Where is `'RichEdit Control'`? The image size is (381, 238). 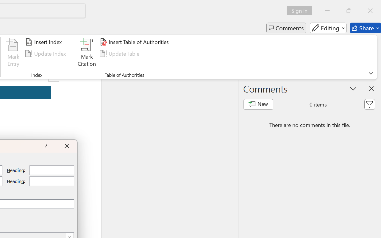 'RichEdit Control' is located at coordinates (52, 181).